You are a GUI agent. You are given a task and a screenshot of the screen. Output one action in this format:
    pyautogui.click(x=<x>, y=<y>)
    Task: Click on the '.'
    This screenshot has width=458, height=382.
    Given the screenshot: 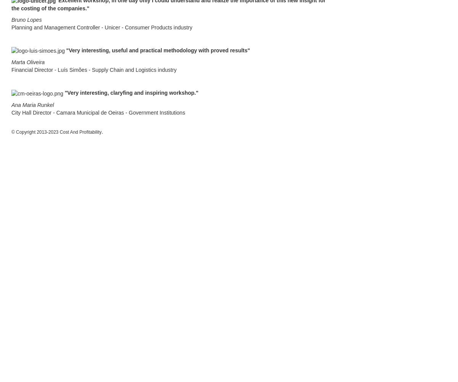 What is the action you would take?
    pyautogui.click(x=102, y=131)
    